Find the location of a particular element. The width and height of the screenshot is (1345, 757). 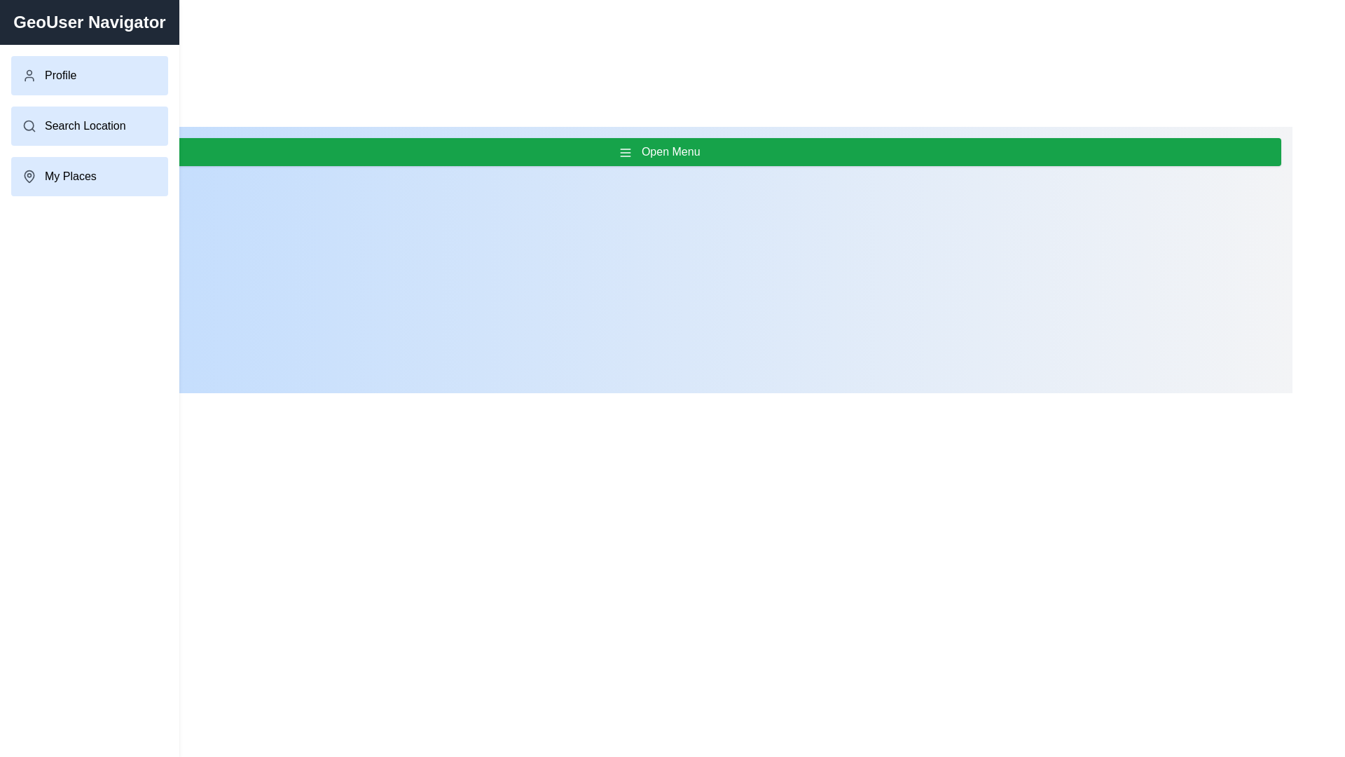

the menu item Search Location from the GeoUserDrawer is located at coordinates (89, 126).